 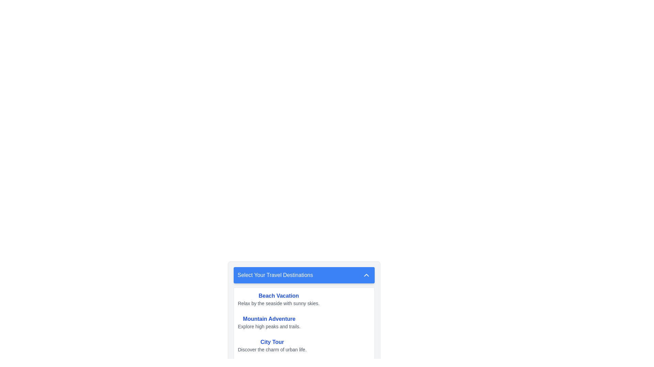 What do you see at coordinates (303, 322) in the screenshot?
I see `to select the 'Mountain Adventure' option from the list of travel destinations, which is the second item under 'Select Your Travel Destinations'` at bounding box center [303, 322].